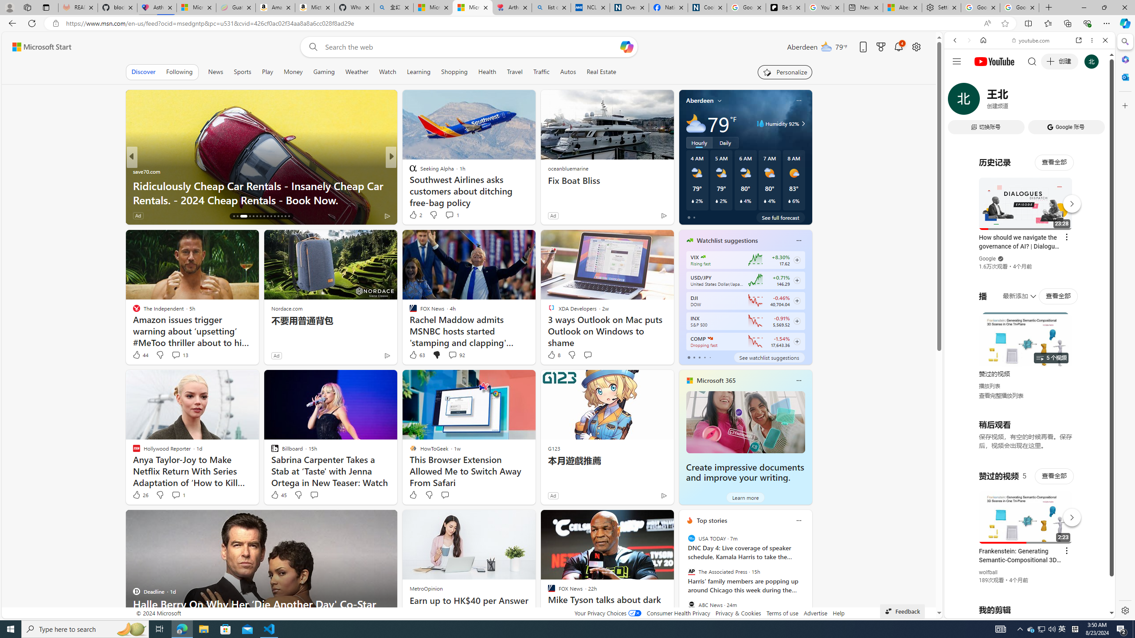 This screenshot has width=1135, height=638. What do you see at coordinates (916, 47) in the screenshot?
I see `'Open settings'` at bounding box center [916, 47].